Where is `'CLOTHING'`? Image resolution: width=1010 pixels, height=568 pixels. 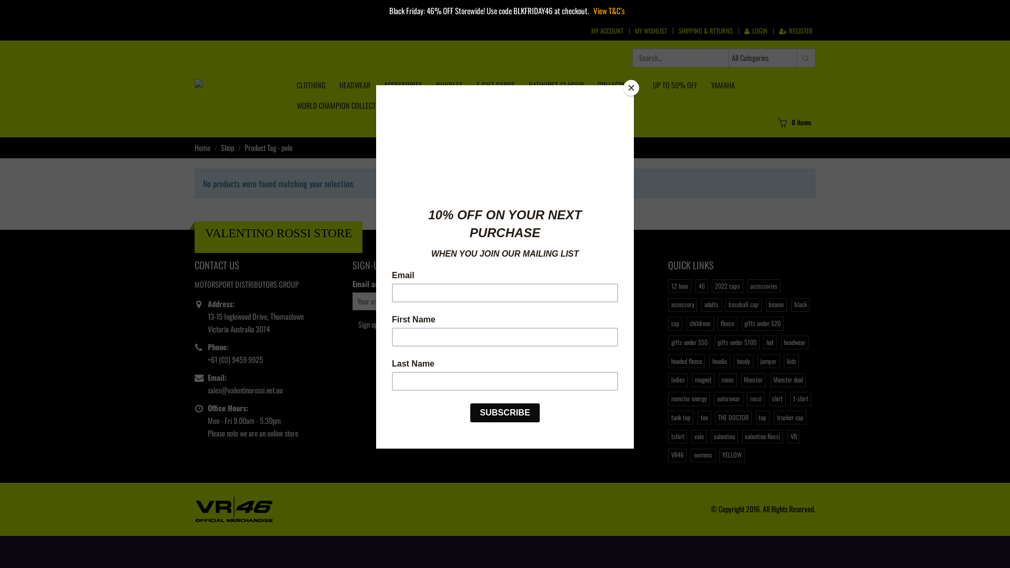 'CLOTHING' is located at coordinates (310, 84).